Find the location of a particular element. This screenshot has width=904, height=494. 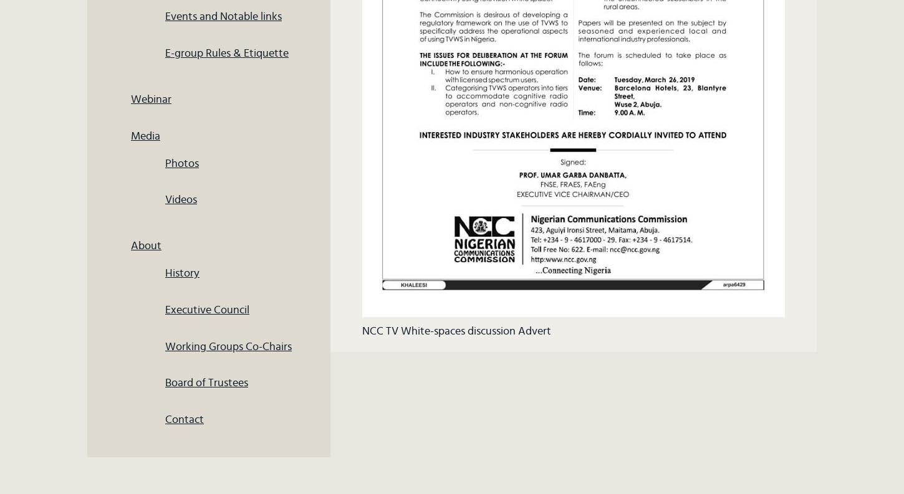

'Videos' is located at coordinates (181, 200).